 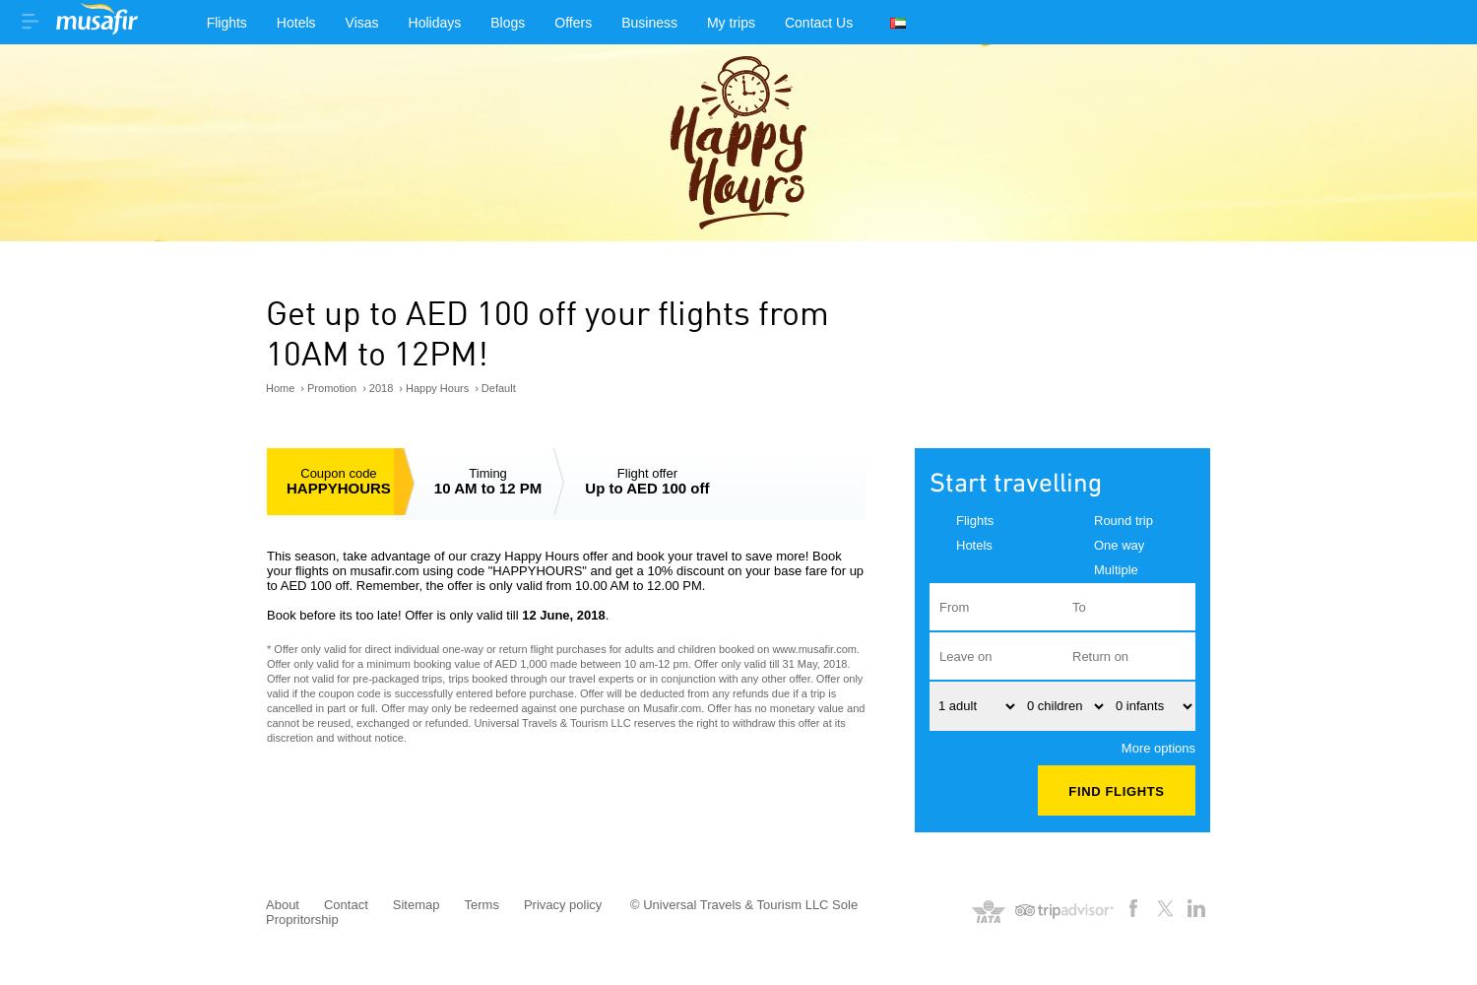 I want to click on 'Up to AED 100 off', so click(x=584, y=486).